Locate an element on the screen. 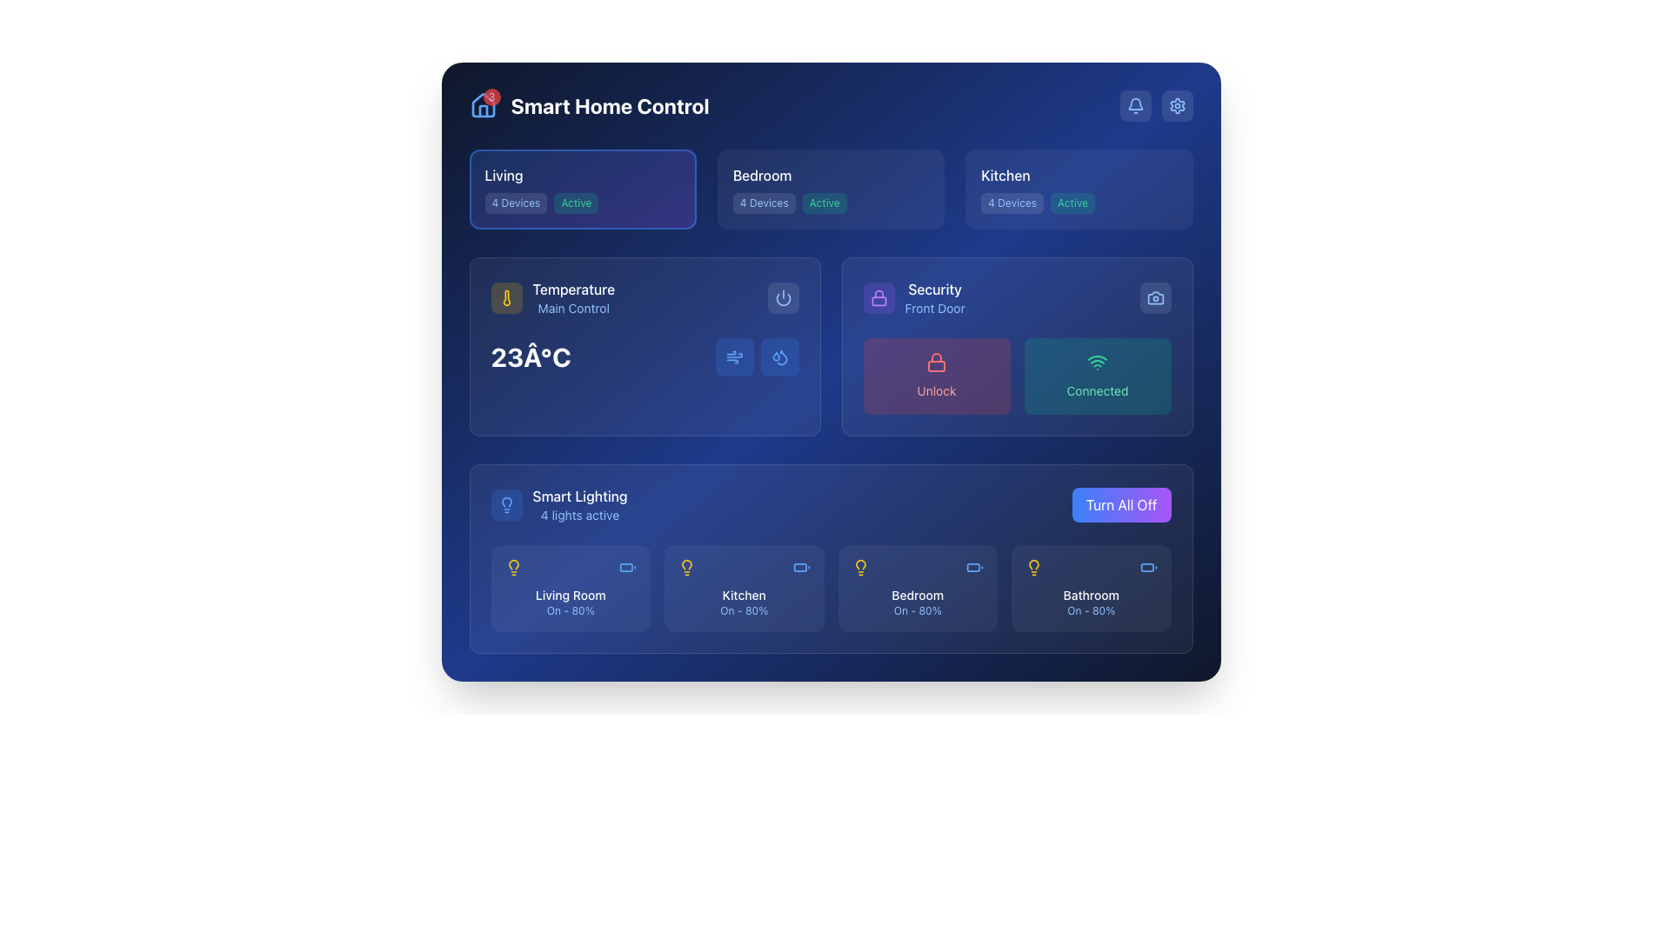 The height and width of the screenshot is (939, 1670). the static textual display titled 'Smart Lighting' which shows '4 lights active' in a blue font, located to the right of a lightbulb icon in the lower-left quadrant of the interface is located at coordinates (580, 505).